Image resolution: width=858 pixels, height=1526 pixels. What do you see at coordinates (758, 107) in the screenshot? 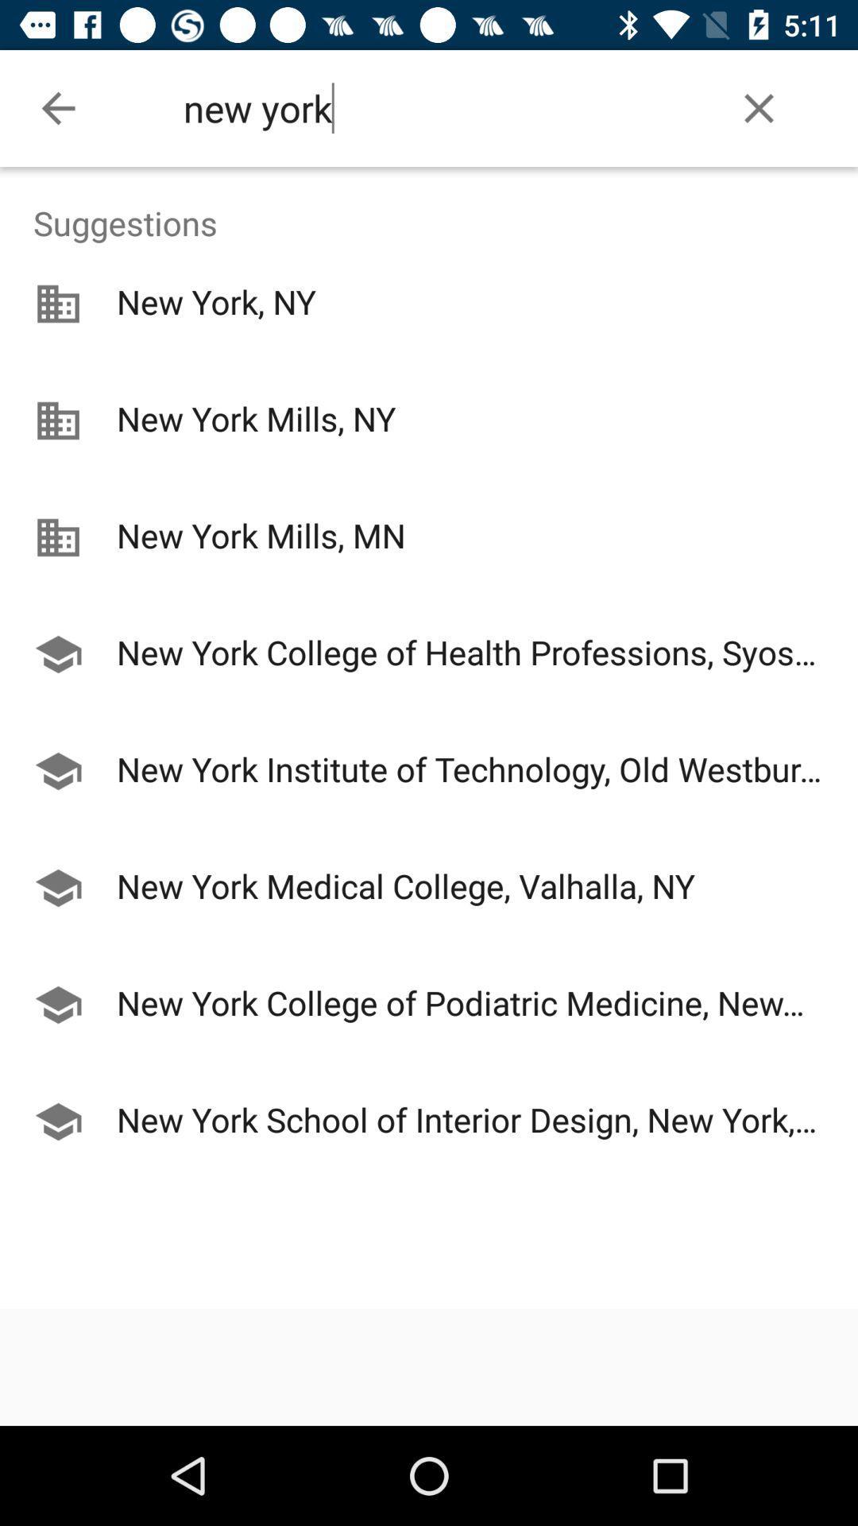
I see `item at the top right corner` at bounding box center [758, 107].